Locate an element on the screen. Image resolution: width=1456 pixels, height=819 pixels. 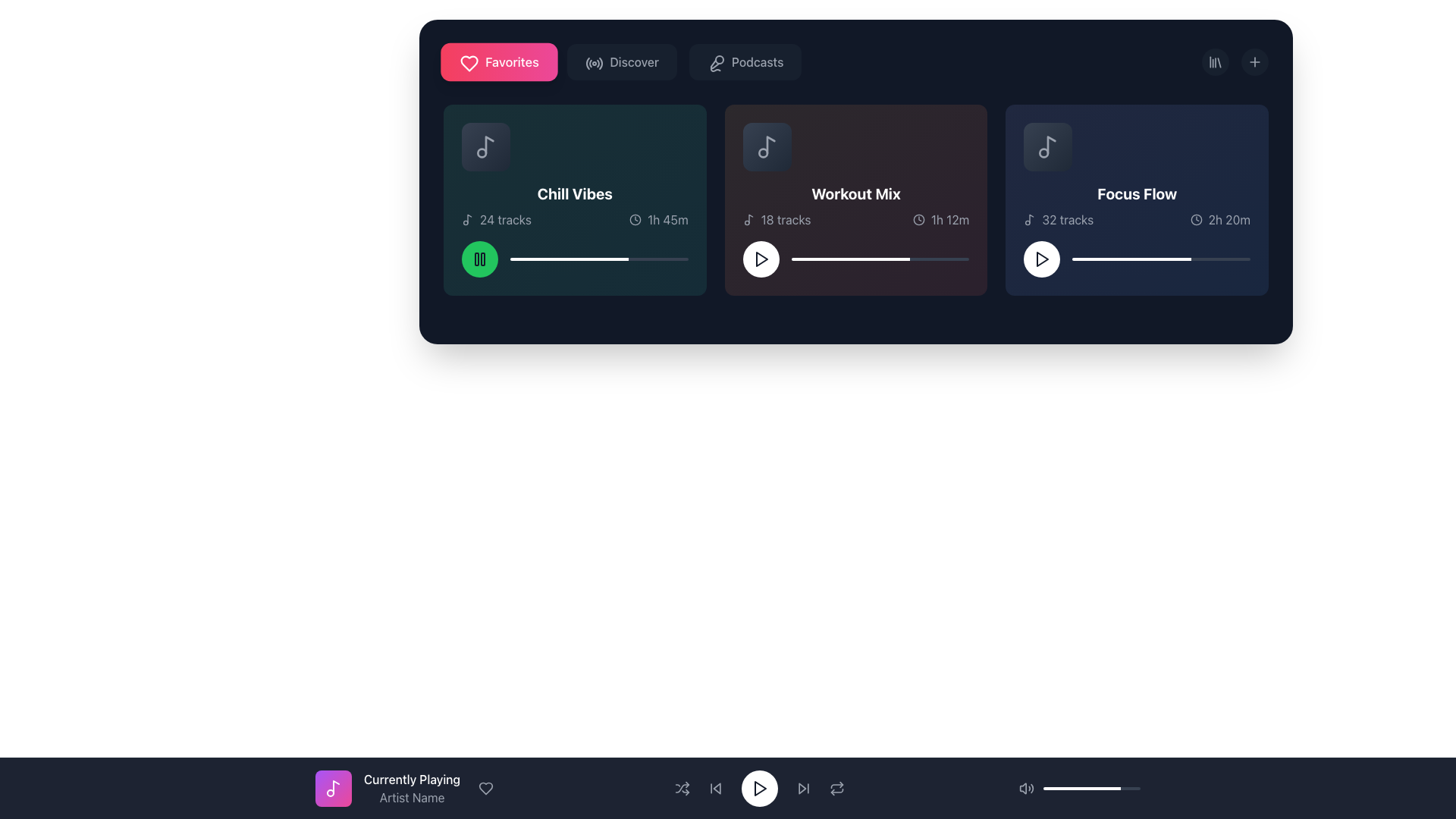
the 'Chill Vibes' playlist card, which has a dark blue background and contains the title in bold white text is located at coordinates (574, 199).